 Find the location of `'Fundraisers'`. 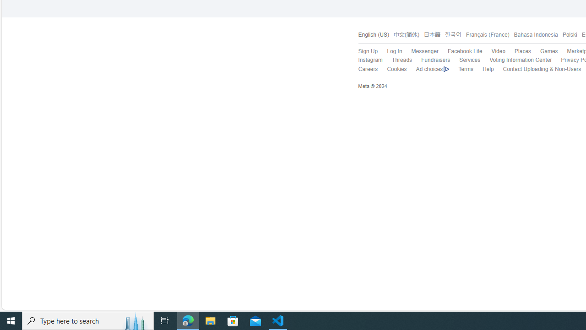

'Fundraisers' is located at coordinates (435, 60).